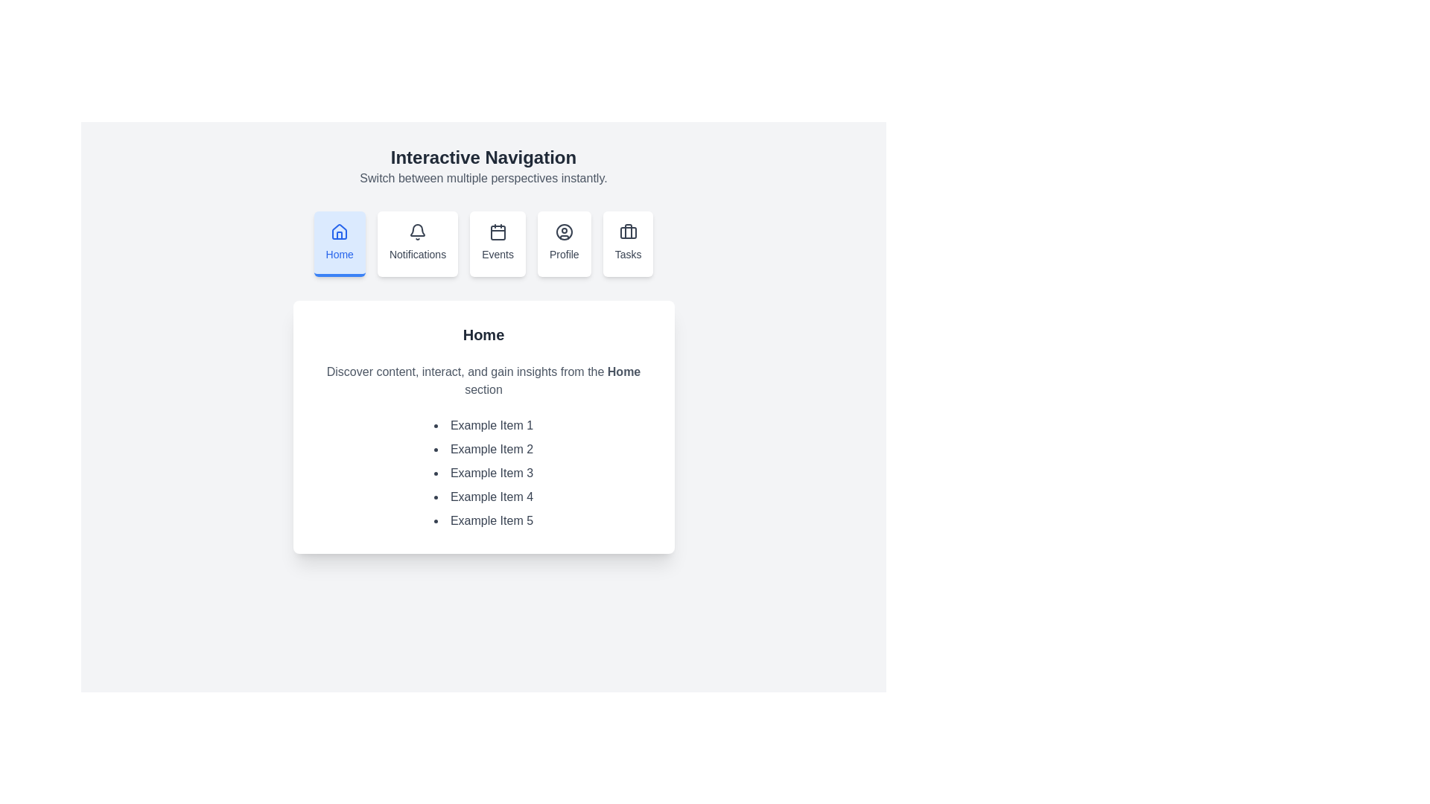 The image size is (1430, 804). I want to click on the navigation button located between the 'Home' button and the 'Events' button, so click(417, 243).